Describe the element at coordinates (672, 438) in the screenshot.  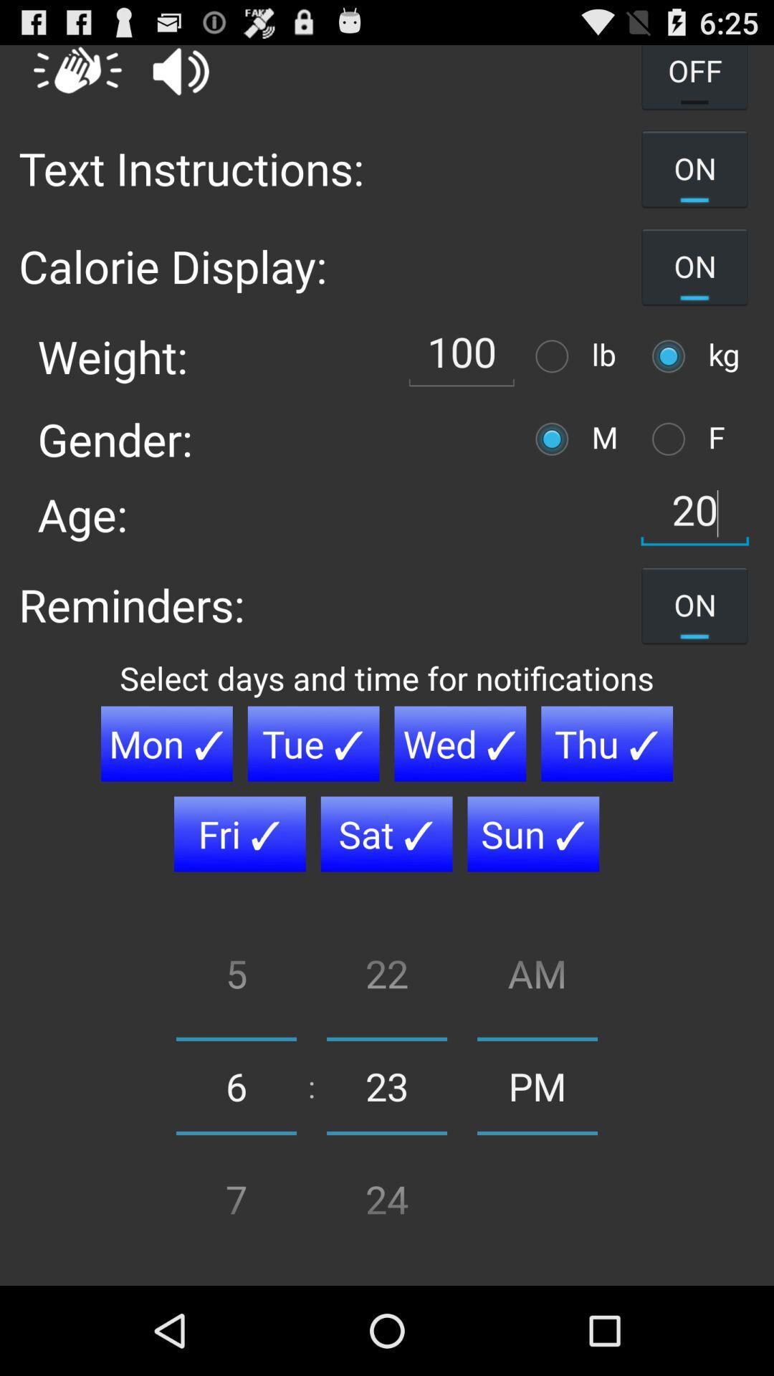
I see `set as female` at that location.